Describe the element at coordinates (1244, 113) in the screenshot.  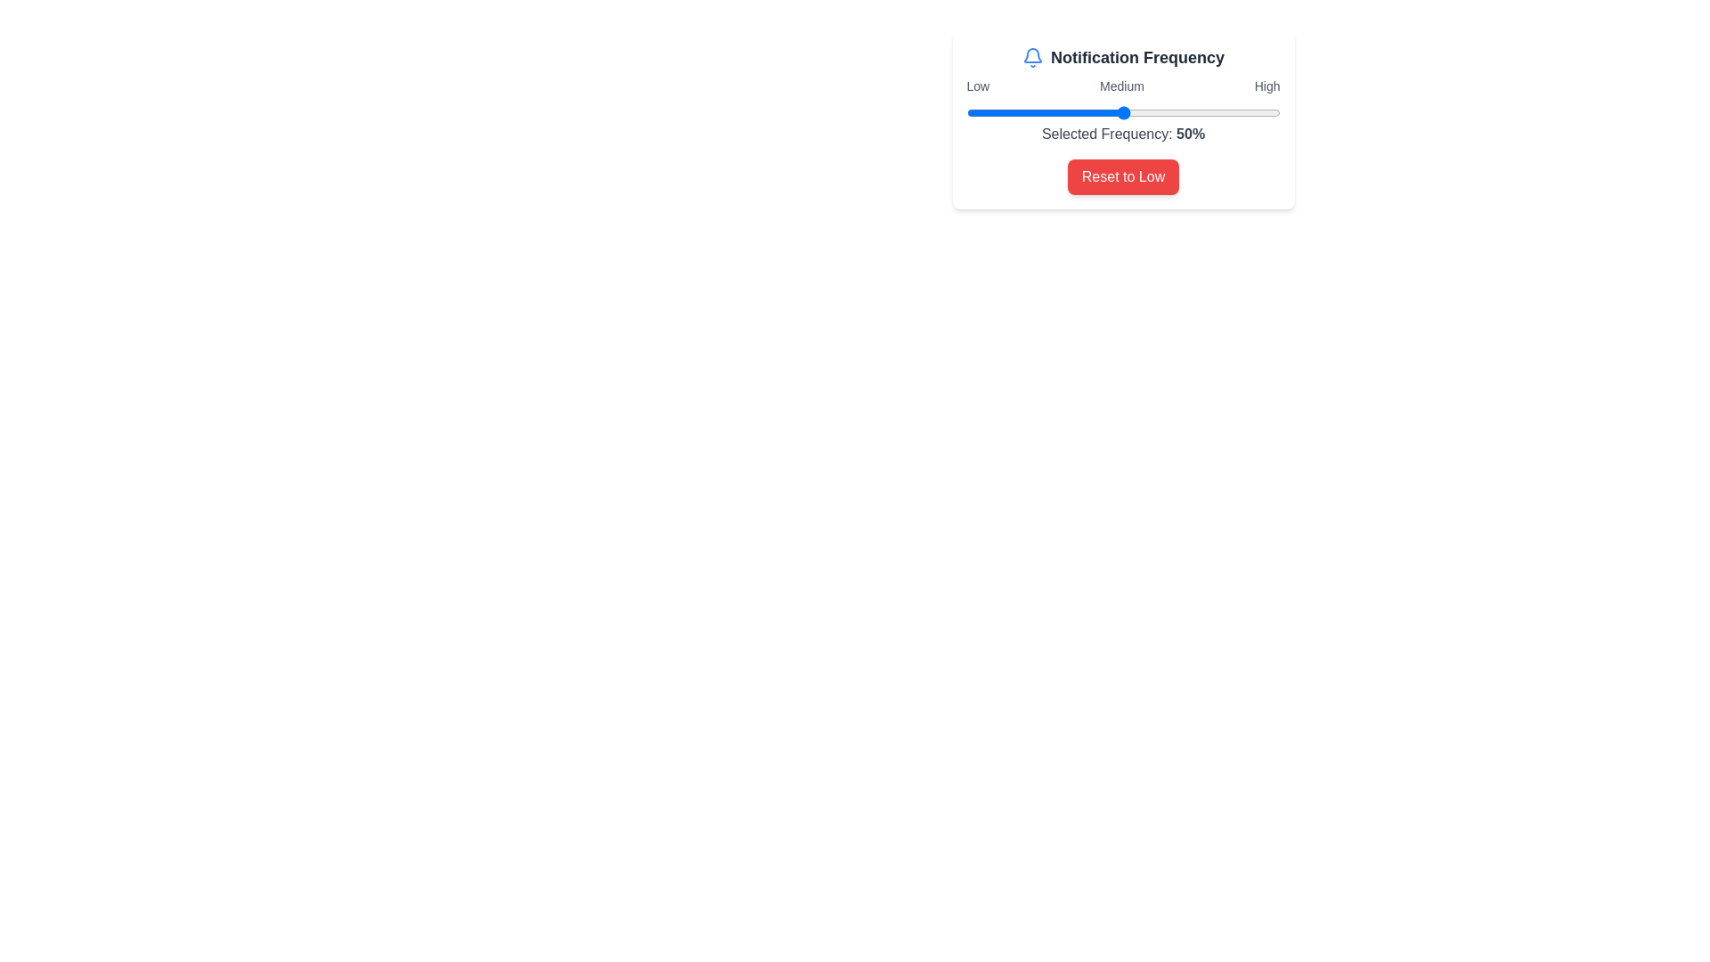
I see `the notification frequency slider to 89%` at that location.